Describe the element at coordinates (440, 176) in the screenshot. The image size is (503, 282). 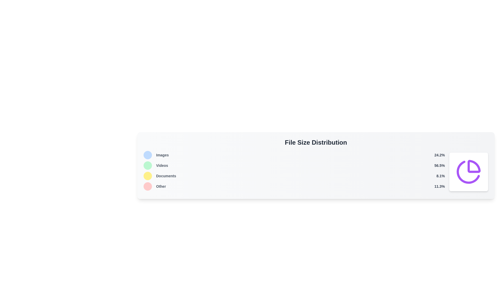
I see `the Label displaying metric value, which shows a numerical percentage value in the rightmost part of the horizontal row labeled 'Documents'` at that location.